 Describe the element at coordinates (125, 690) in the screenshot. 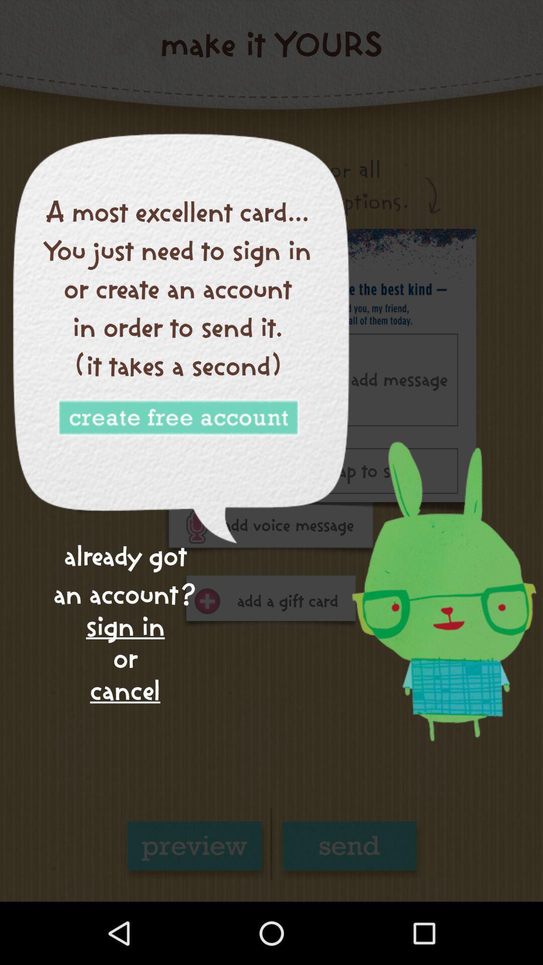

I see `the cancel item` at that location.